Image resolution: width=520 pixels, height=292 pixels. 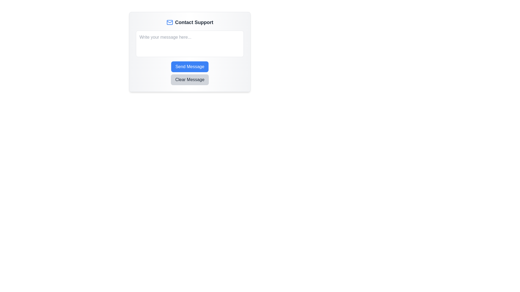 What do you see at coordinates (190, 22) in the screenshot?
I see `the label with icon that represents the action to contact support, located at the top of the centered card layout` at bounding box center [190, 22].